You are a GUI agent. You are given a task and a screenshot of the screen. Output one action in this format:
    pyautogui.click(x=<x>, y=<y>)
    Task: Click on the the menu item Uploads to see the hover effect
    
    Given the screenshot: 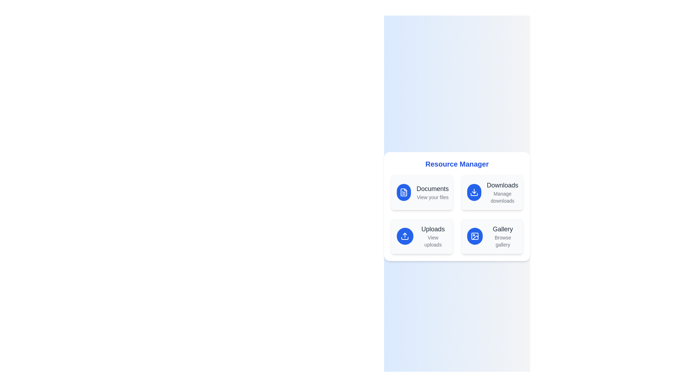 What is the action you would take?
    pyautogui.click(x=422, y=236)
    